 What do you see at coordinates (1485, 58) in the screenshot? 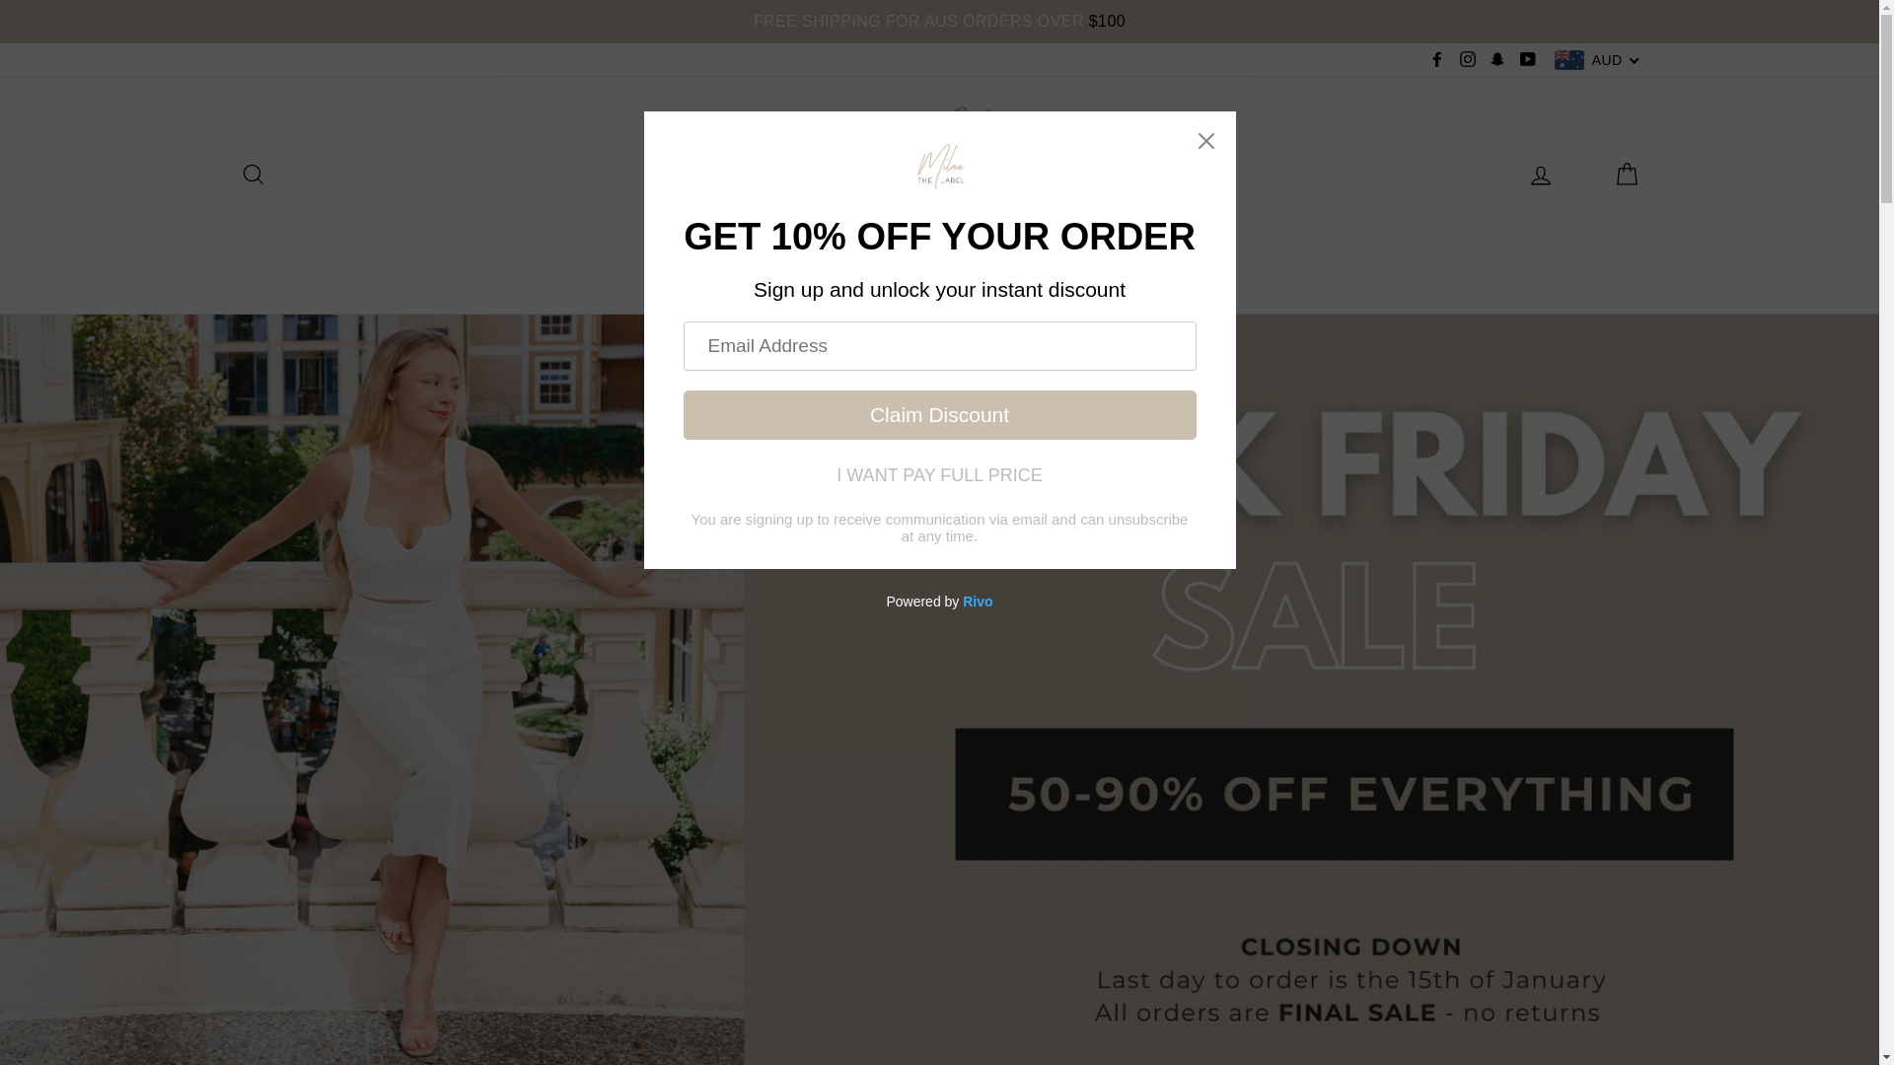
I see `'Snapchat'` at bounding box center [1485, 58].